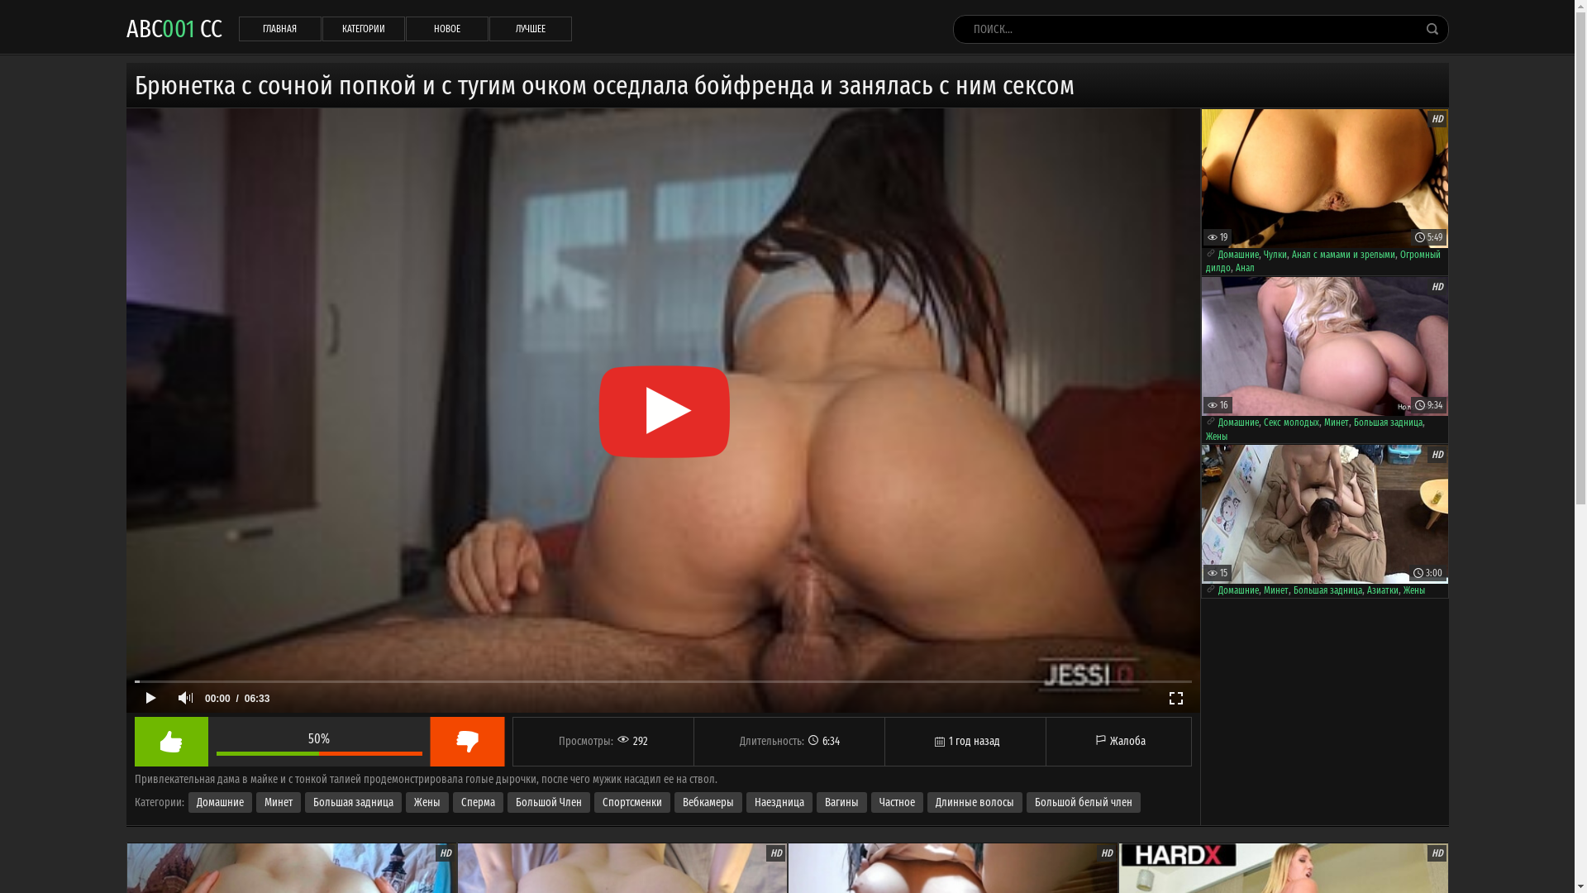 The image size is (1587, 893). Describe the element at coordinates (1202, 513) in the screenshot. I see `'HD` at that location.